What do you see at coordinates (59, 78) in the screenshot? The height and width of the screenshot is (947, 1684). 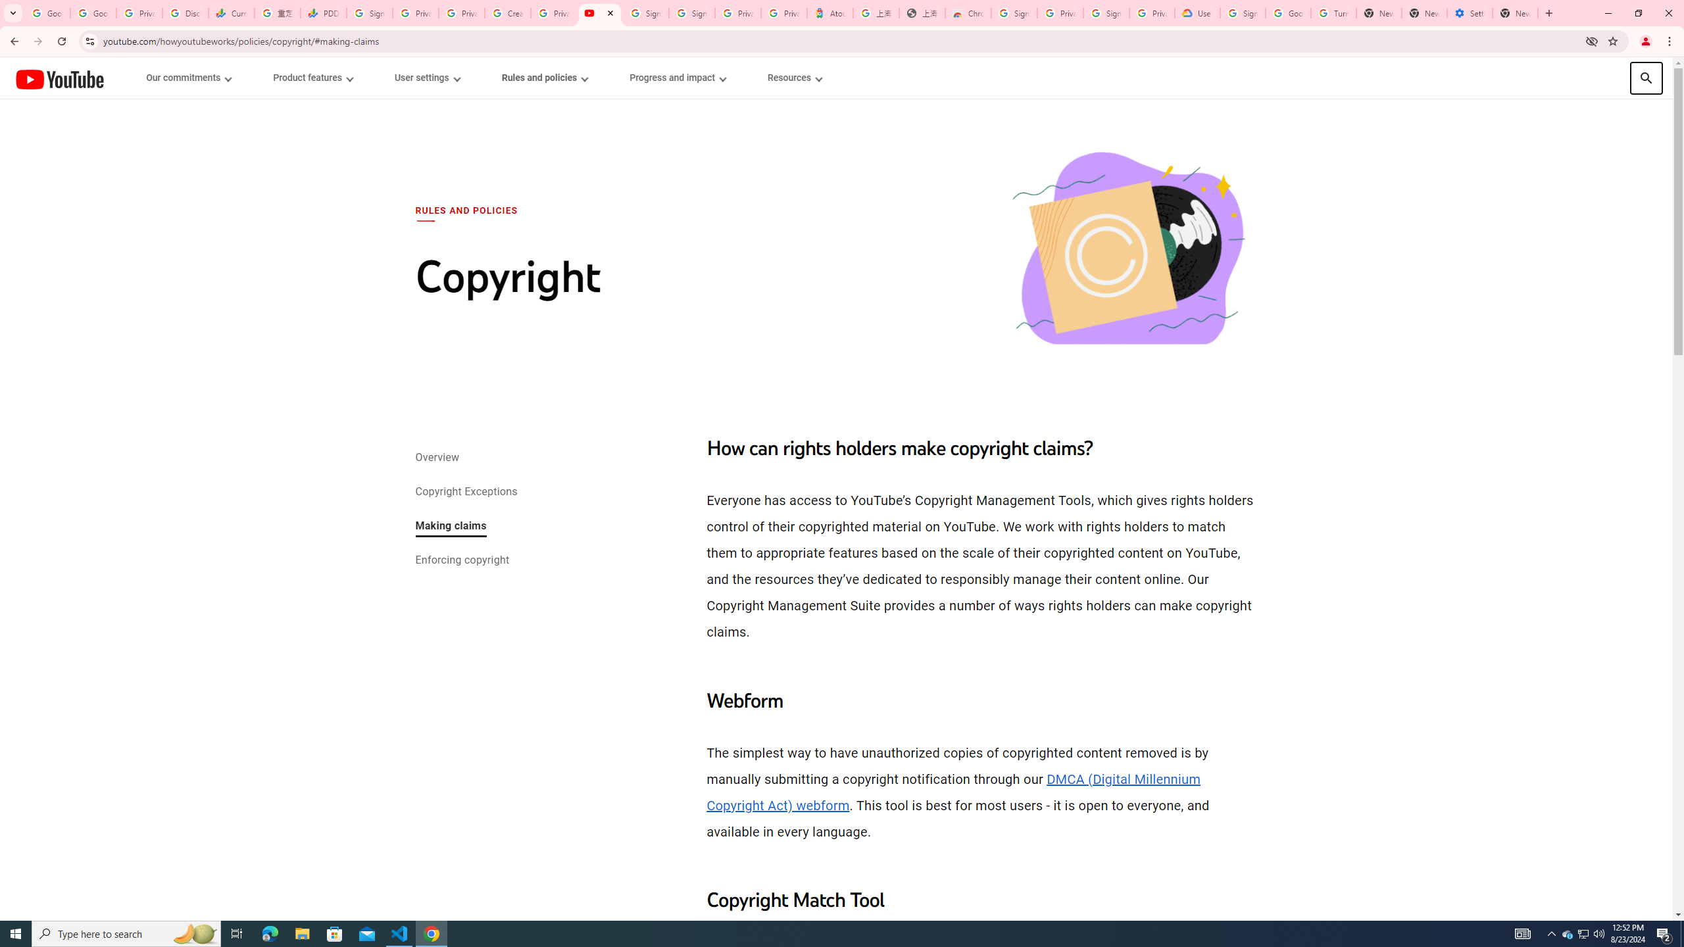 I see `'How YouTube Works'` at bounding box center [59, 78].